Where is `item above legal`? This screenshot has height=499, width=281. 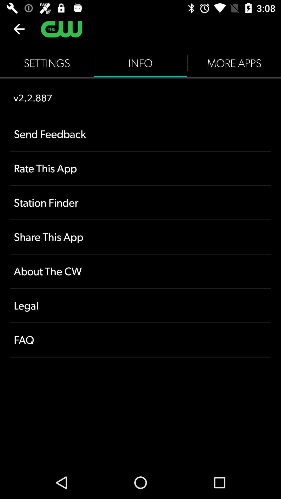 item above legal is located at coordinates (140, 271).